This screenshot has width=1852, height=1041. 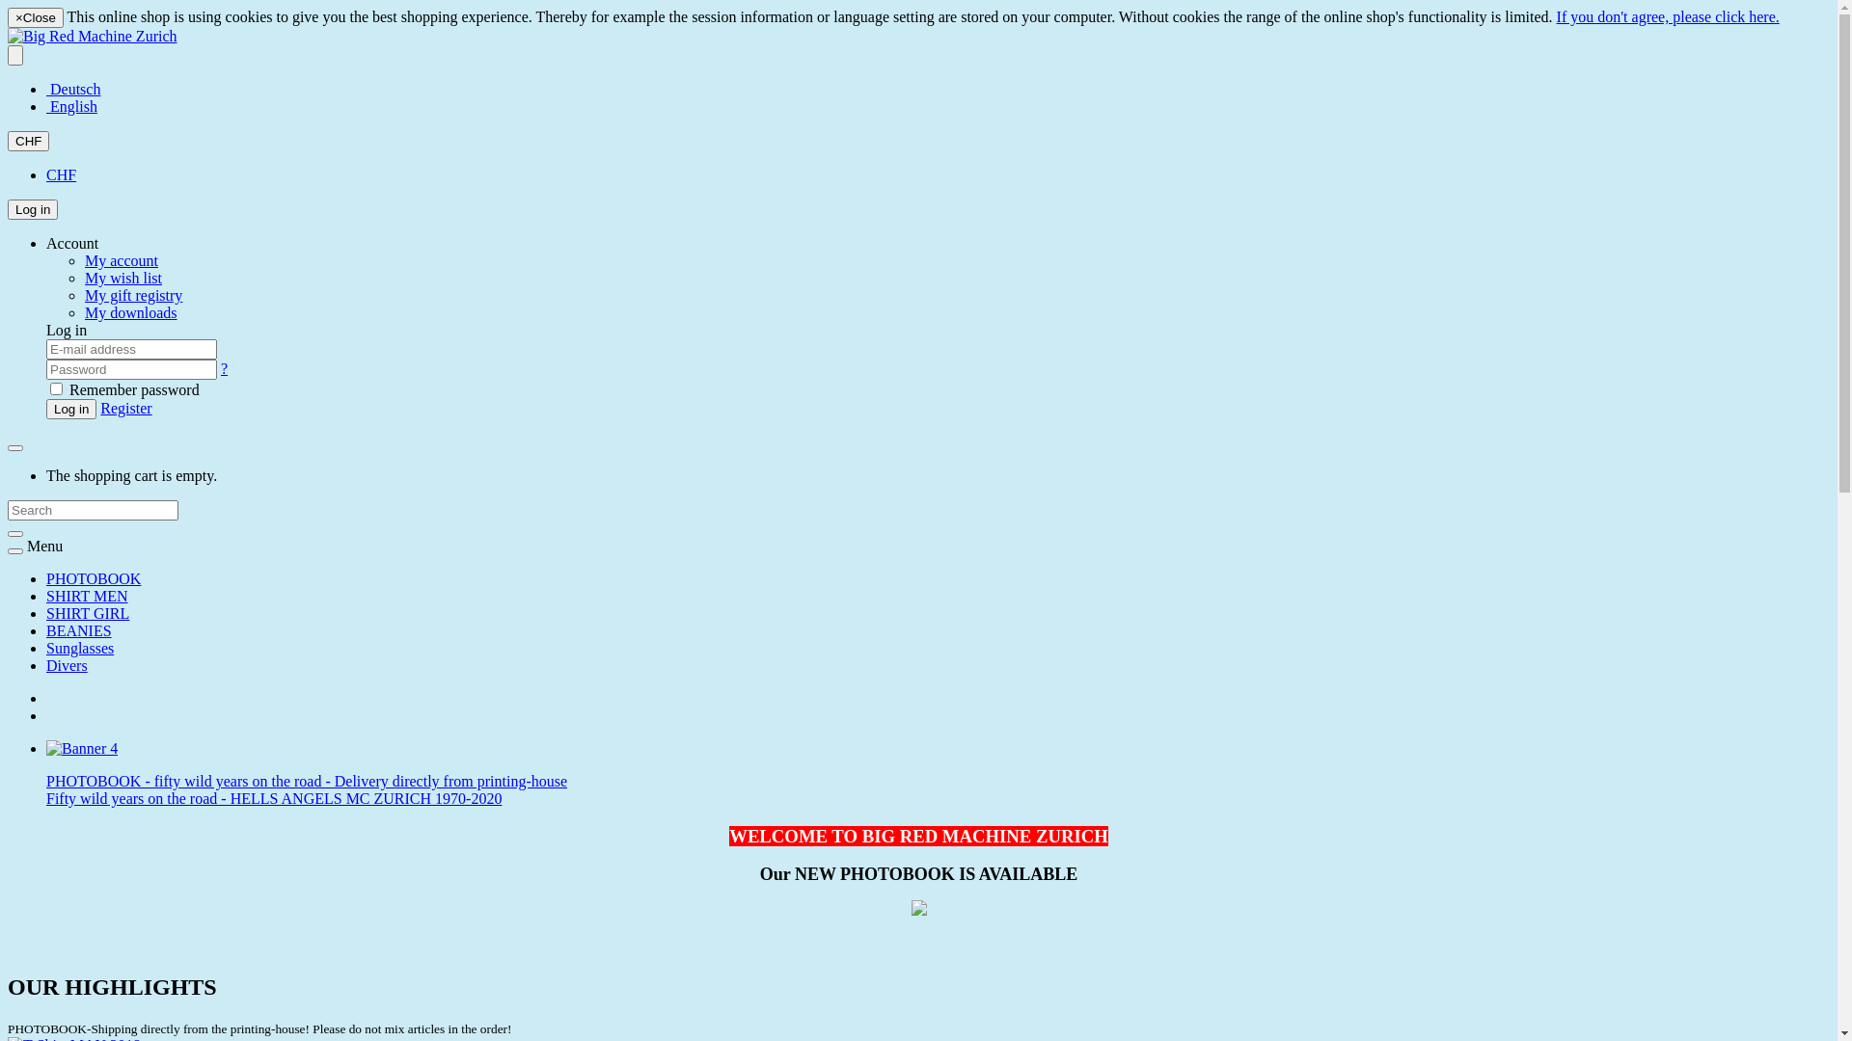 I want to click on 'Banner 4', so click(x=81, y=747).